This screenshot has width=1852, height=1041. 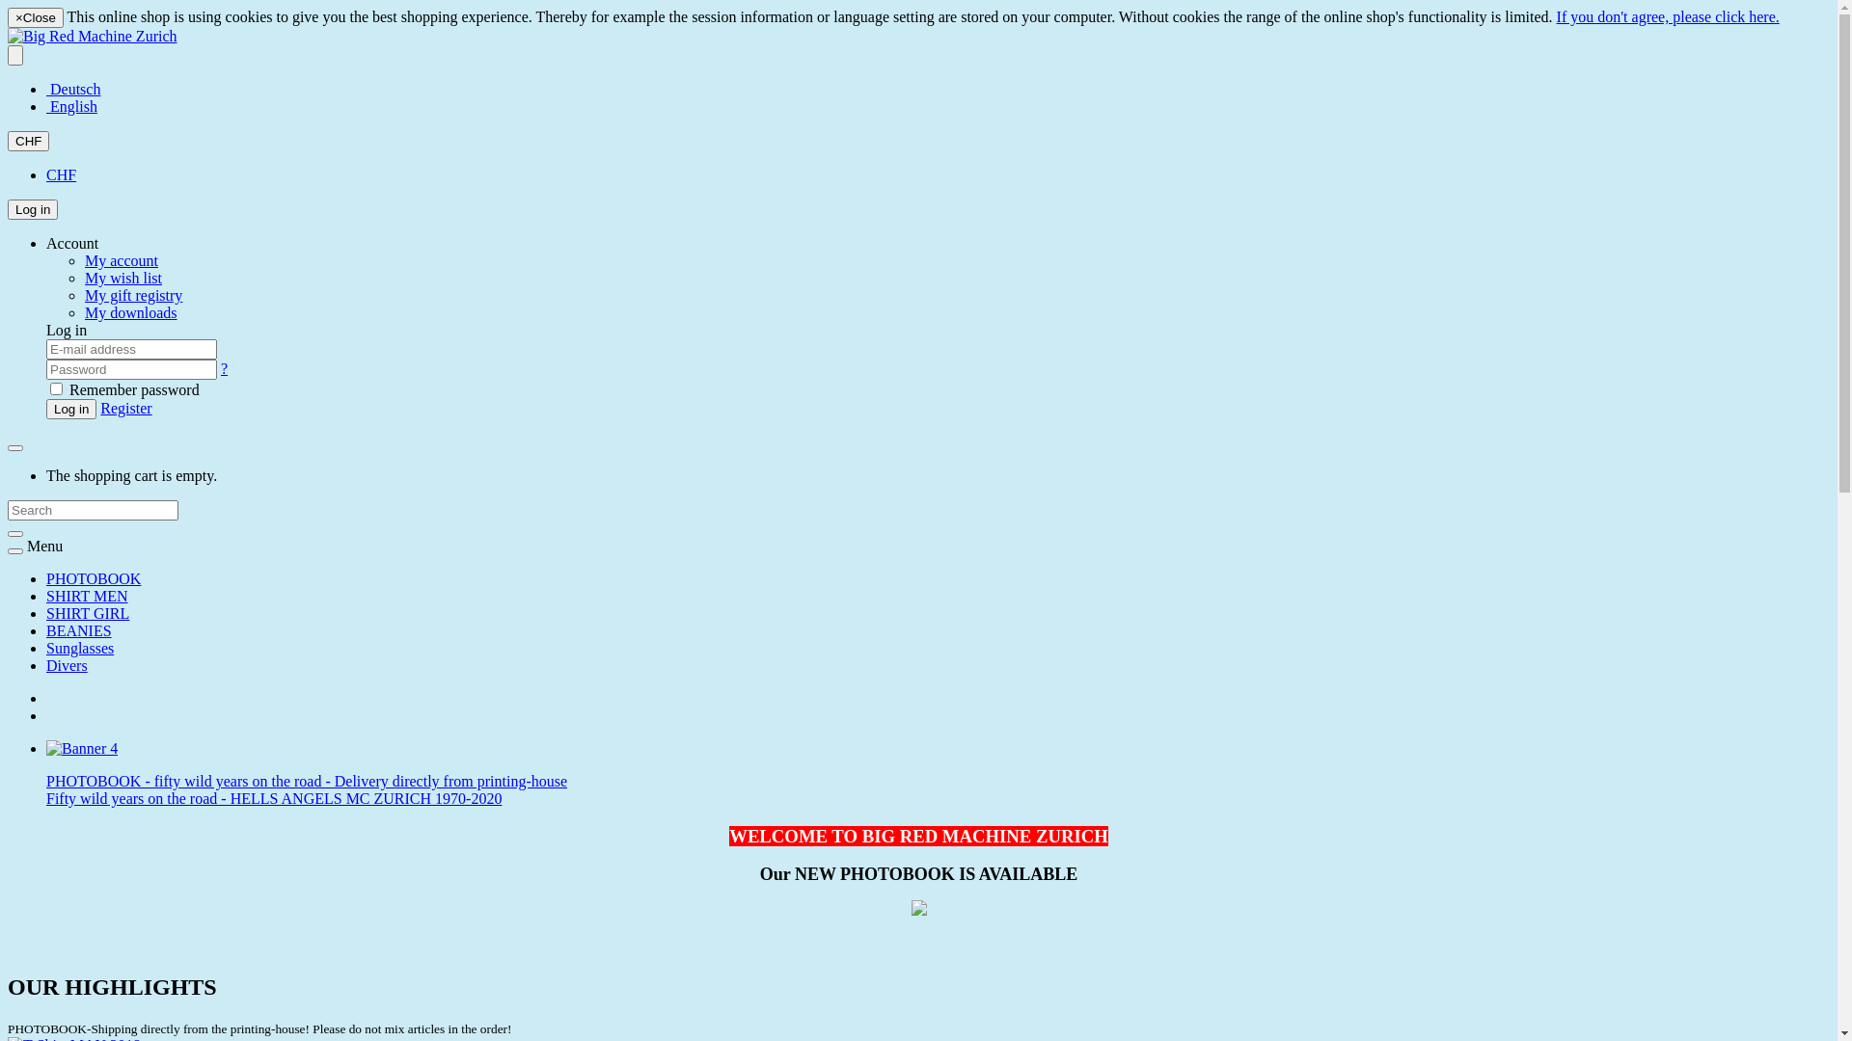 I want to click on 'Banner 4', so click(x=81, y=747).